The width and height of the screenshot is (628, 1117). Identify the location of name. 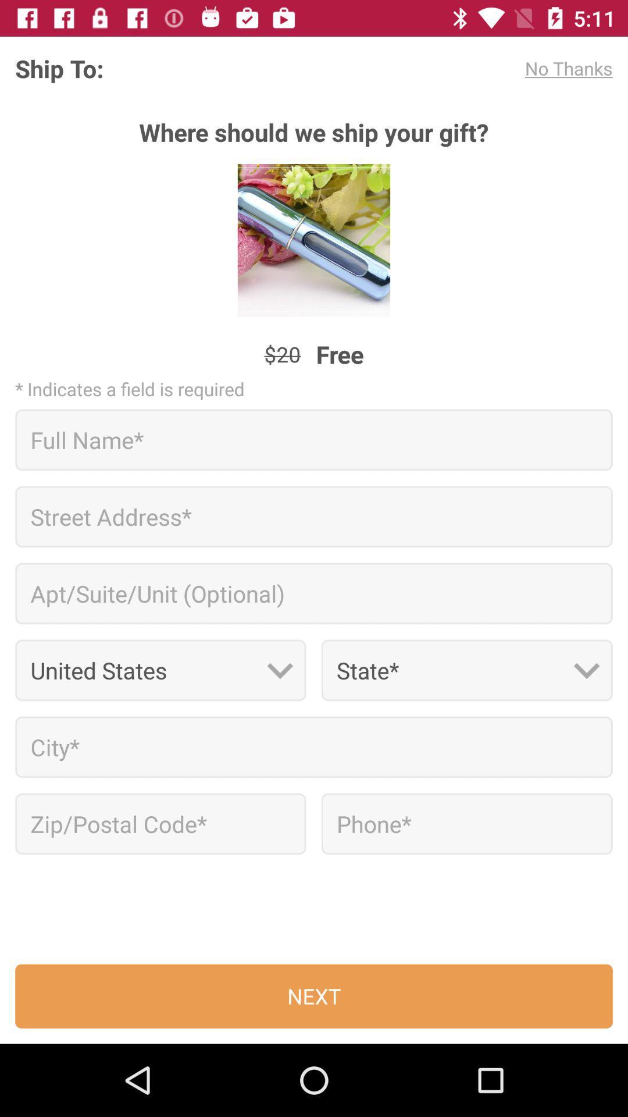
(314, 439).